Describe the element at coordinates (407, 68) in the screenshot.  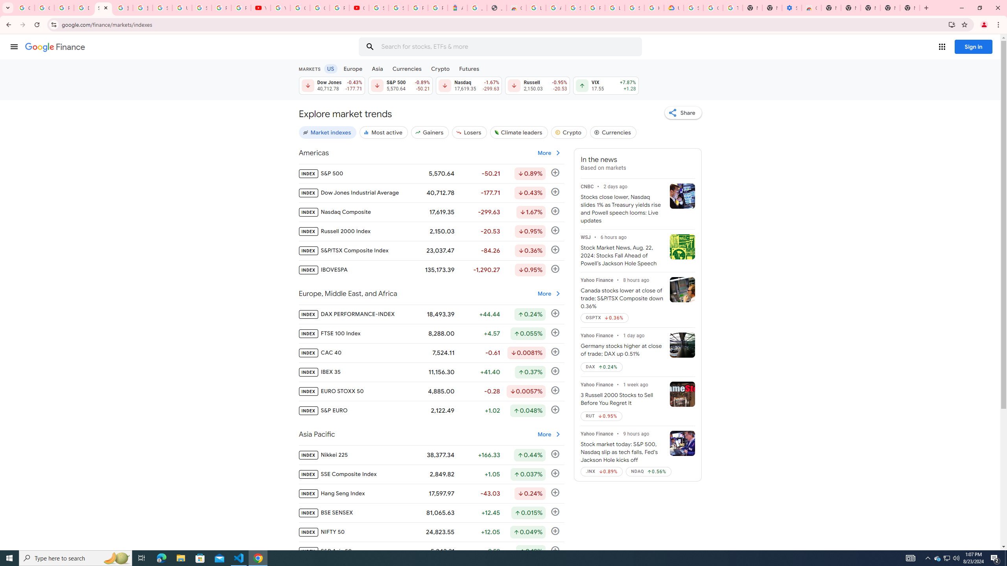
I see `'Currencies'` at that location.